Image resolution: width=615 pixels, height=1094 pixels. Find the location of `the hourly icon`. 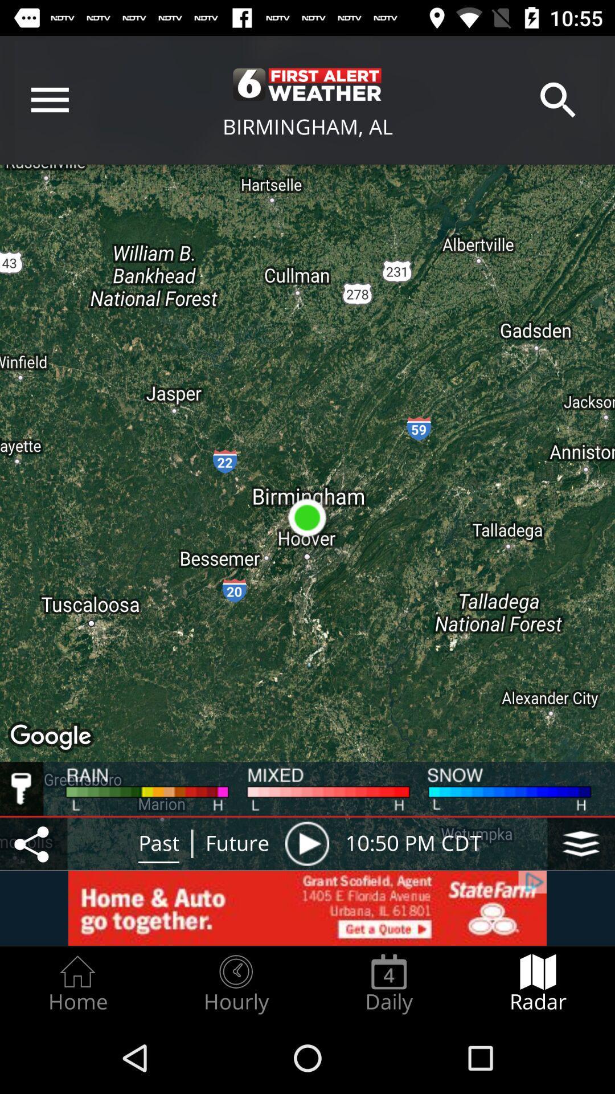

the hourly icon is located at coordinates (235, 983).